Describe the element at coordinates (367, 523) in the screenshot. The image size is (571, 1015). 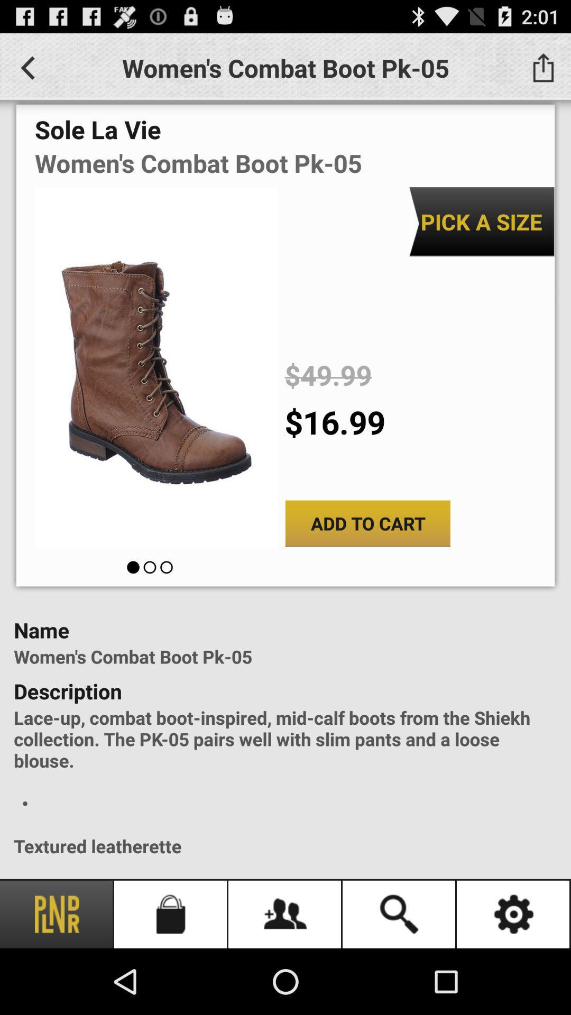
I see `icon above the name` at that location.